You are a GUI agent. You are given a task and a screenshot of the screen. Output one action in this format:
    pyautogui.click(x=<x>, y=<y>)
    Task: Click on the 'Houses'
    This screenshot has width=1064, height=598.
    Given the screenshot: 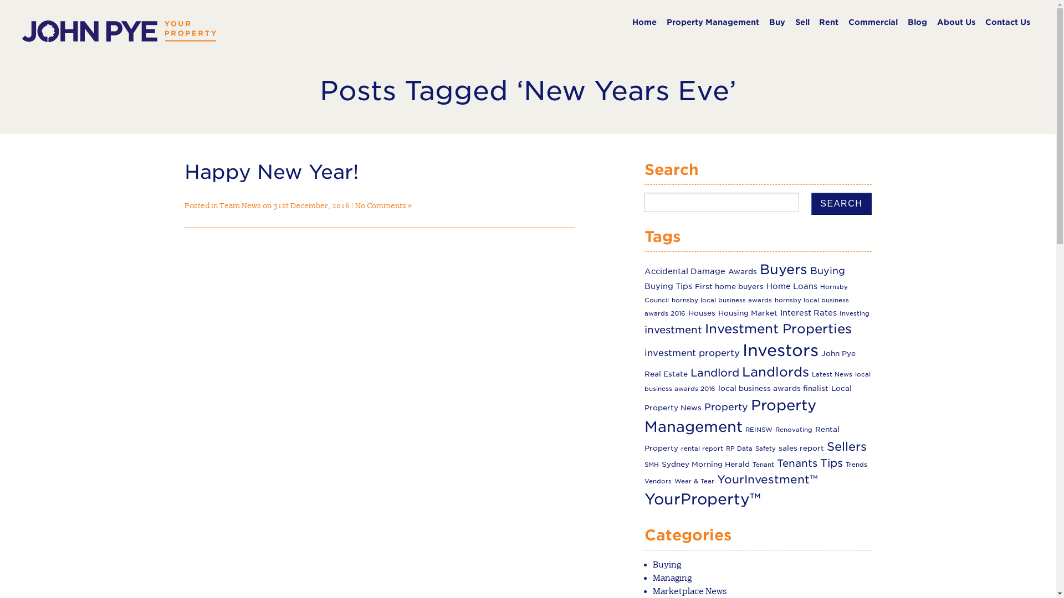 What is the action you would take?
    pyautogui.click(x=701, y=313)
    